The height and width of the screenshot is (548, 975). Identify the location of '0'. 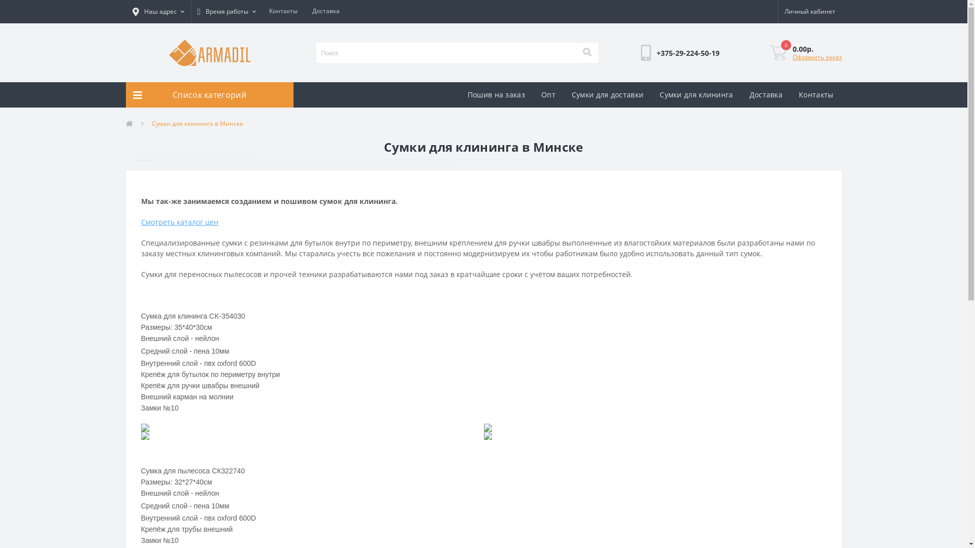
(768, 53).